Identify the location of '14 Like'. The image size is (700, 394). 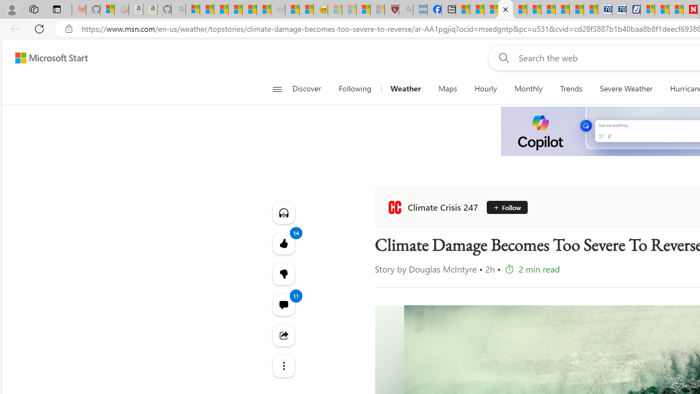
(283, 242).